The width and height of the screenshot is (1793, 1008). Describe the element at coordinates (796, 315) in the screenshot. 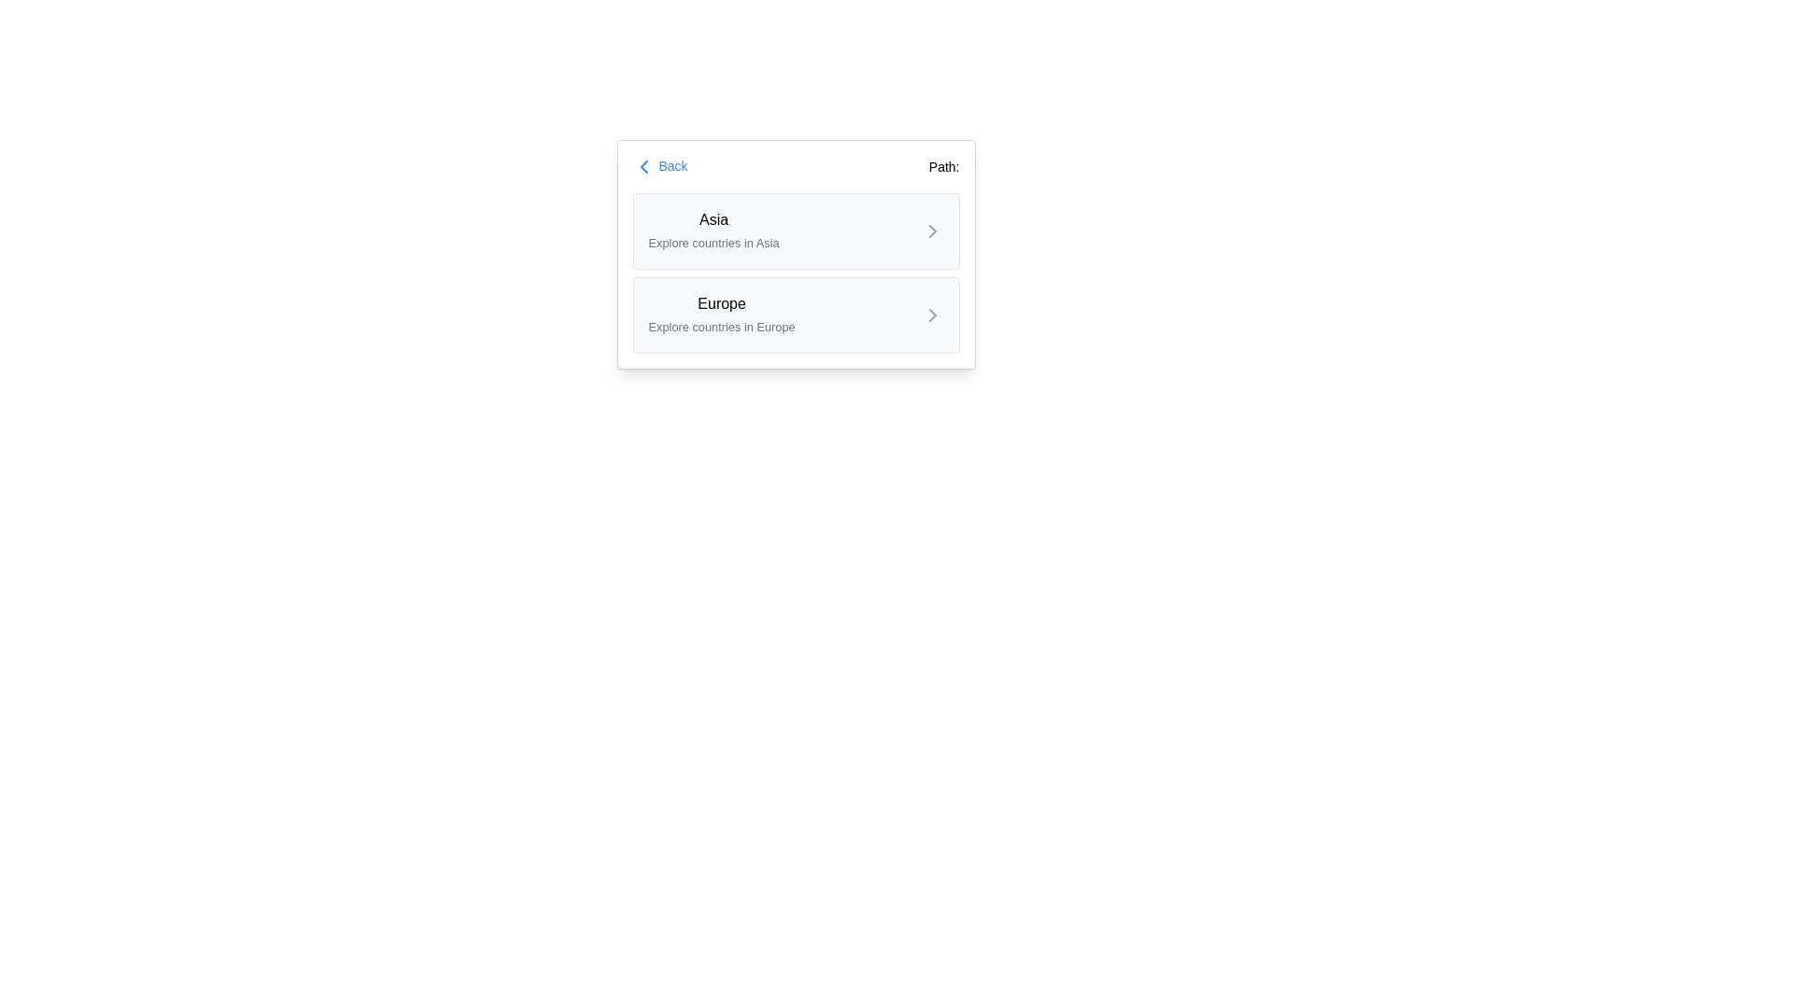

I see `the second navigation card related to exploring countries in Europe` at that location.